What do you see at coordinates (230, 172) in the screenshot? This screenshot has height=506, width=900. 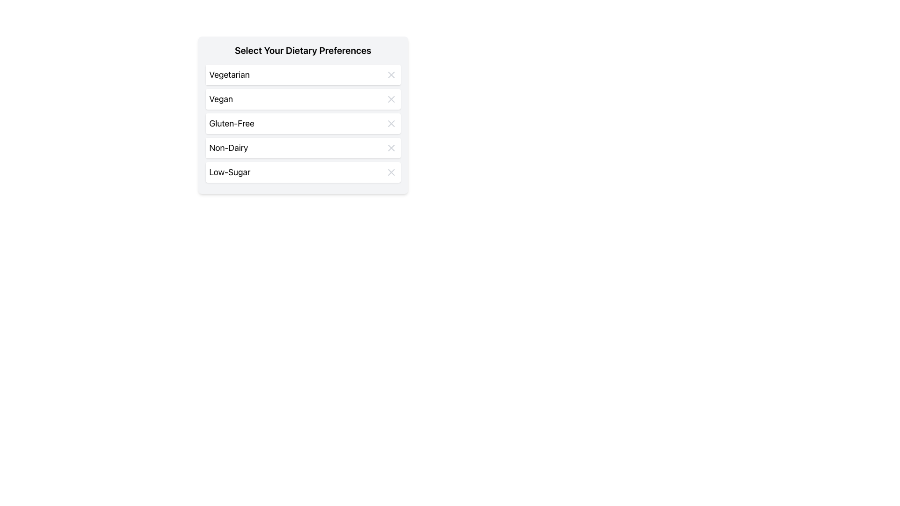 I see `the text label displaying 'Low-Sugar' in bold black font, which is the fifth item under the section header 'Select Your Dietary Preferences'` at bounding box center [230, 172].